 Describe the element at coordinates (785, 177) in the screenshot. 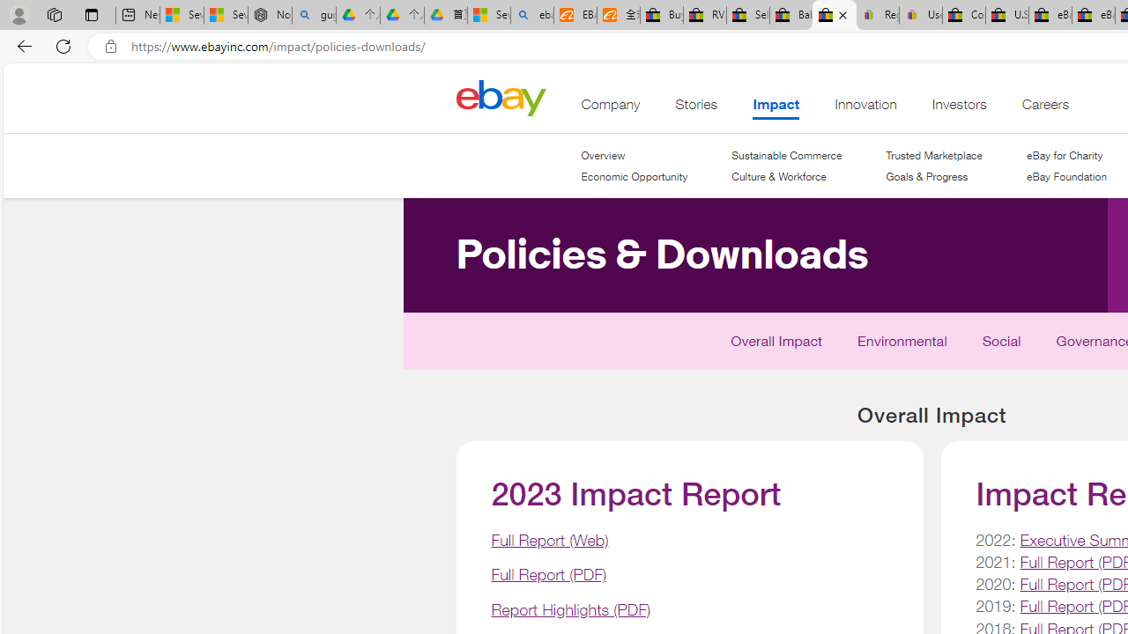

I see `'Culture & Workforce'` at that location.